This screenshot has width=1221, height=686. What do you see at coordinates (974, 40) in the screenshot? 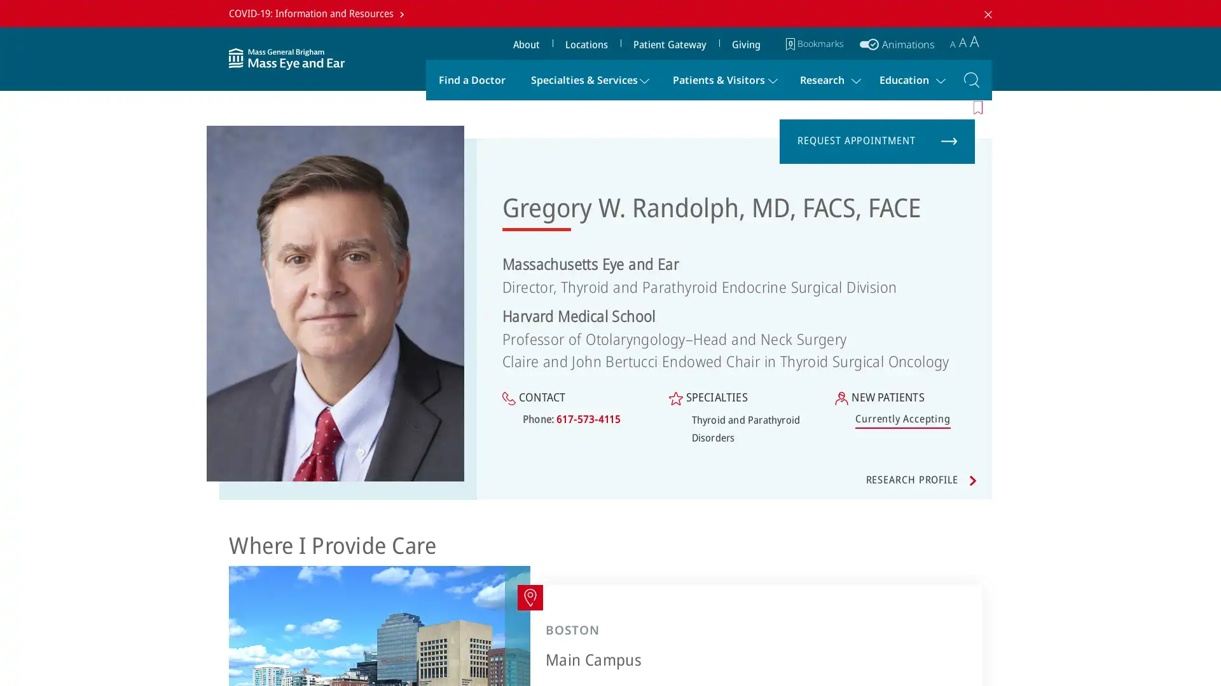
I see `Maximum font size` at bounding box center [974, 40].